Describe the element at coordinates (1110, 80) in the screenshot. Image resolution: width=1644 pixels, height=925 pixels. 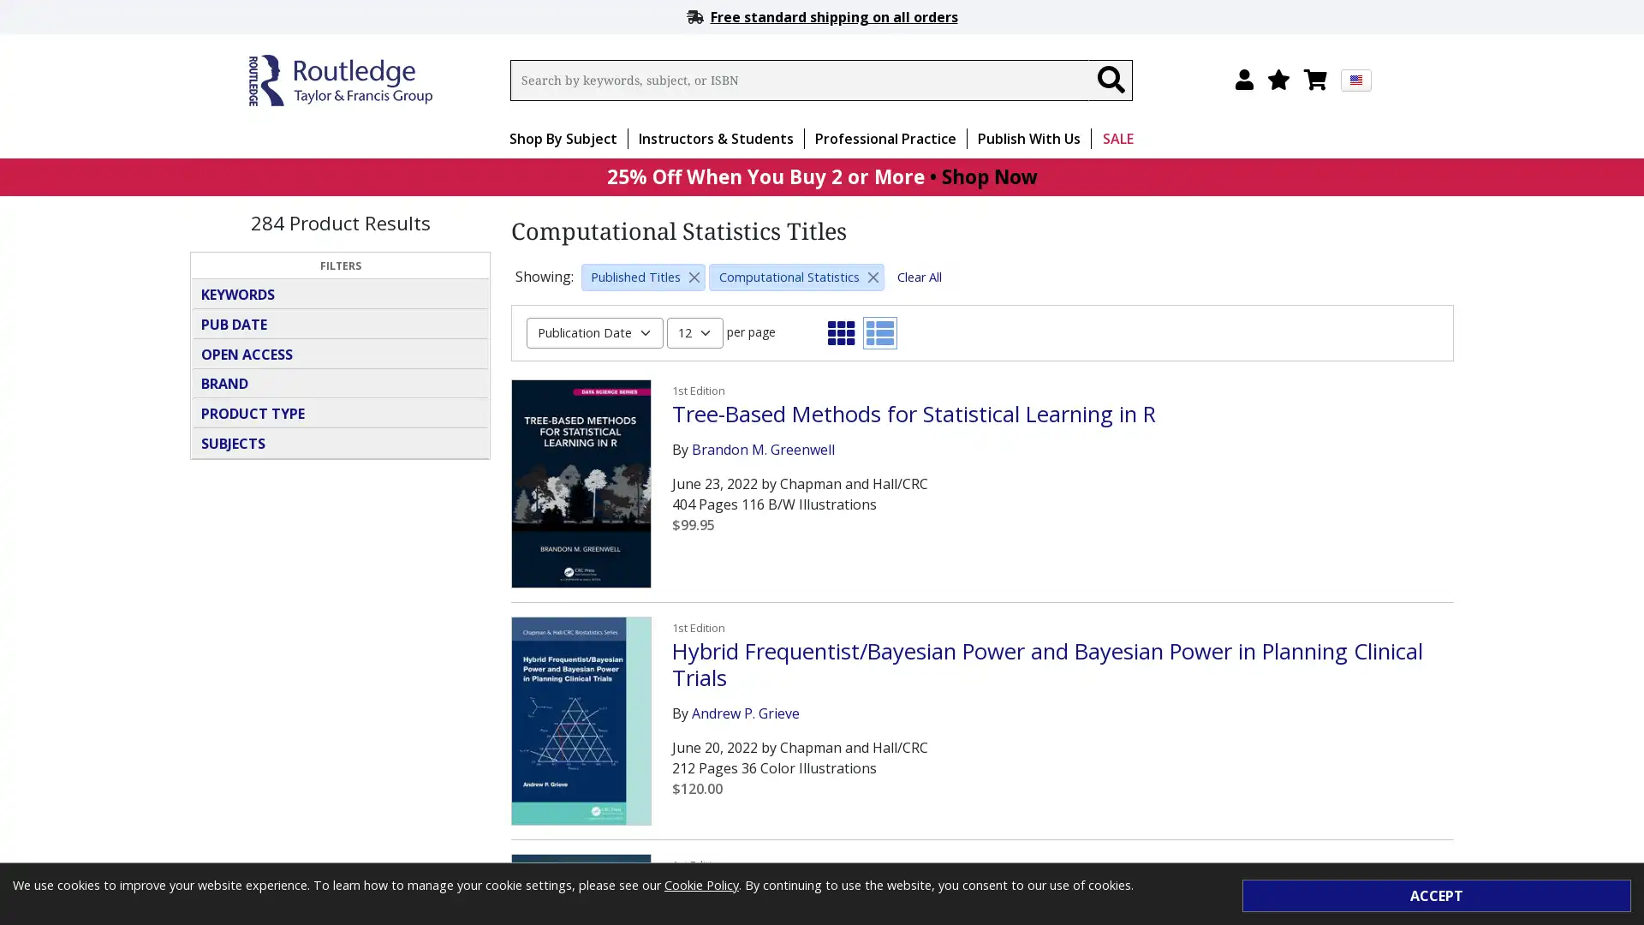
I see `Search` at that location.